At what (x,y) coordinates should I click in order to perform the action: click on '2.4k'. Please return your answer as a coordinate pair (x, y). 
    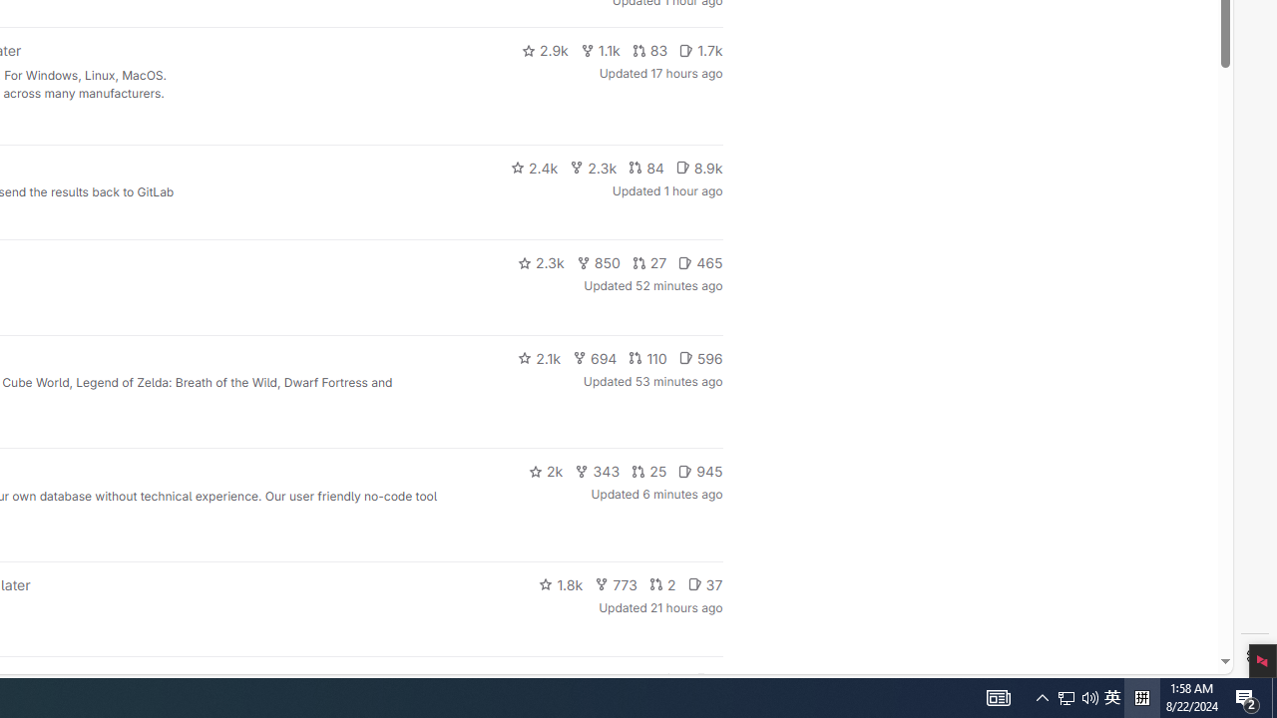
    Looking at the image, I should click on (534, 167).